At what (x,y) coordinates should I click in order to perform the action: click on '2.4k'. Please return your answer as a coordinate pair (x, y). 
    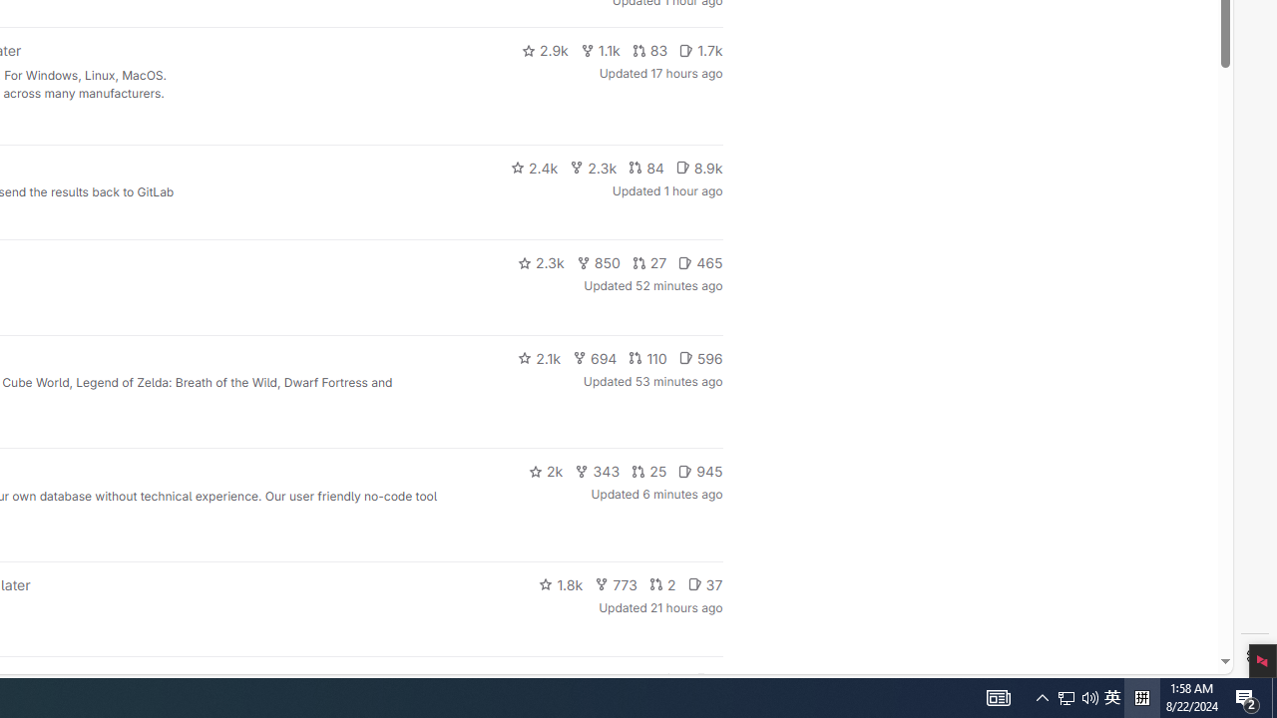
    Looking at the image, I should click on (534, 167).